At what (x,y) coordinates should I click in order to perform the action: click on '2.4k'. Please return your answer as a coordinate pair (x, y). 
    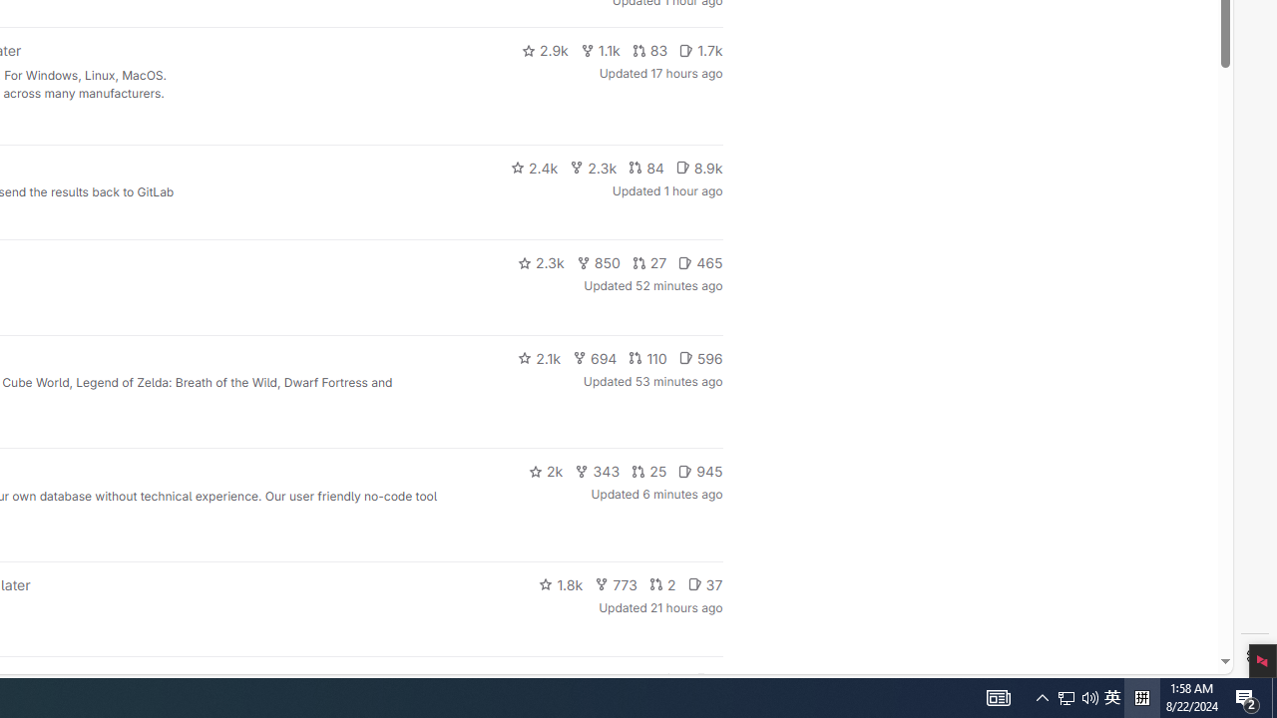
    Looking at the image, I should click on (534, 167).